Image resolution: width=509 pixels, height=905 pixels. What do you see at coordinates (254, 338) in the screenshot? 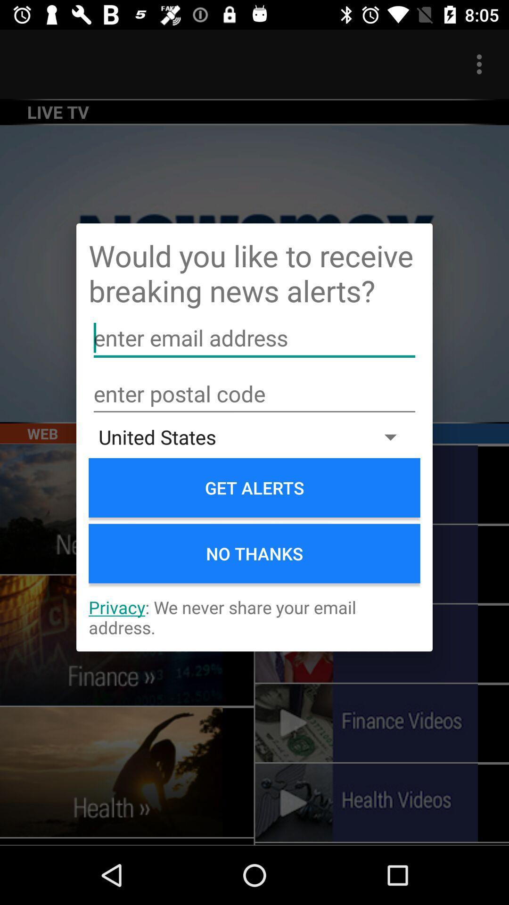
I see `your email` at bounding box center [254, 338].